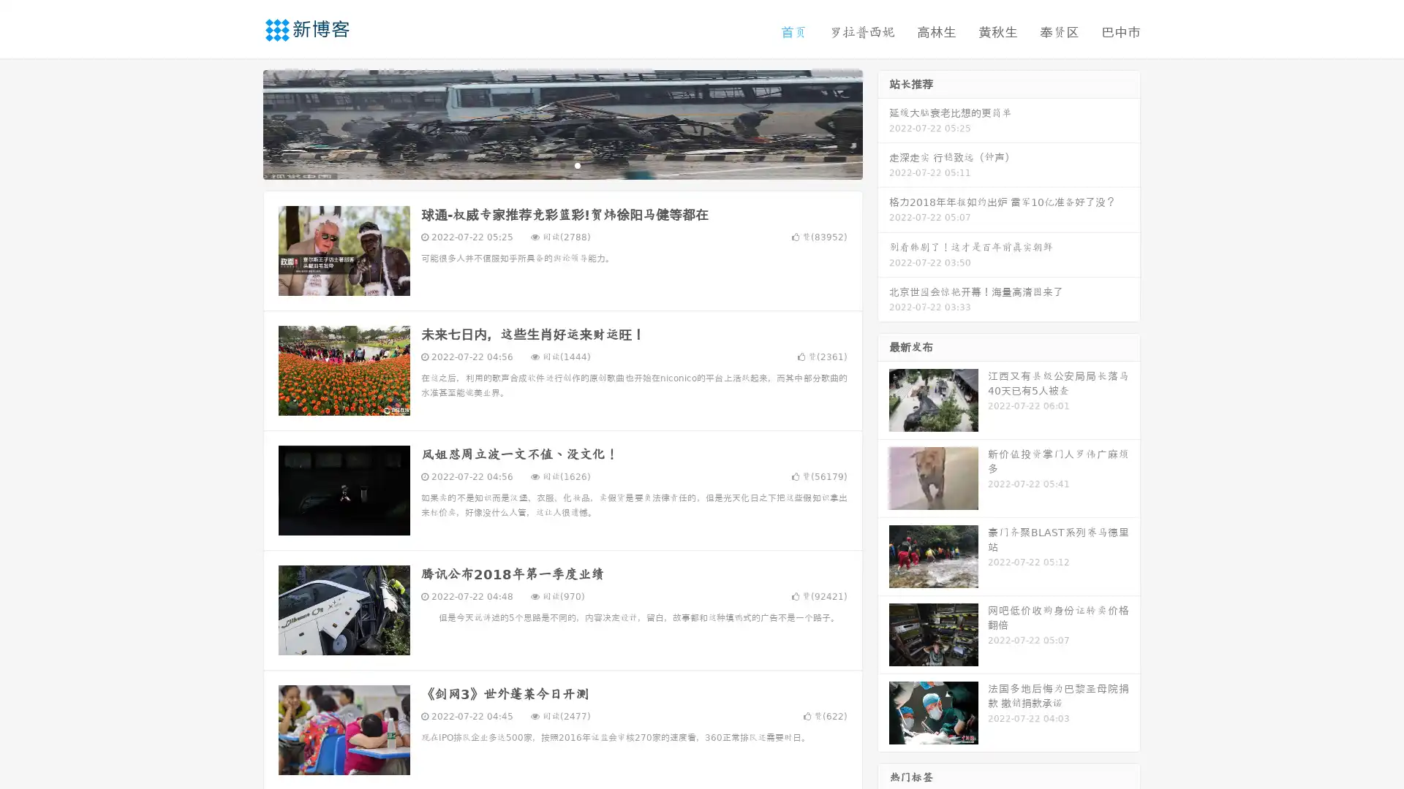 This screenshot has height=789, width=1404. Describe the element at coordinates (883, 123) in the screenshot. I see `Next slide` at that location.